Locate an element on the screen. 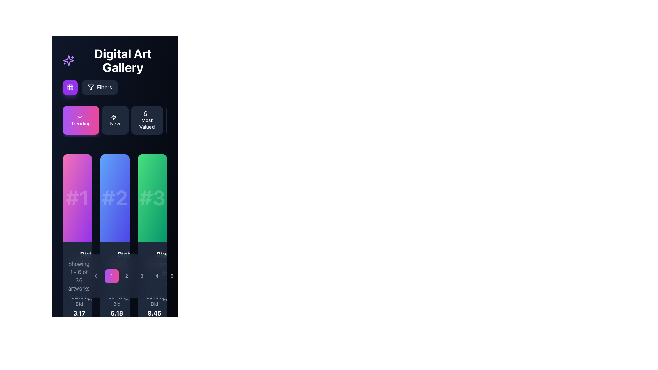 The width and height of the screenshot is (658, 370). the 'Most Valued' button, which is the third button in a horizontal row, located slightly below the 'Digital Art Gallery' title is located at coordinates (147, 120).